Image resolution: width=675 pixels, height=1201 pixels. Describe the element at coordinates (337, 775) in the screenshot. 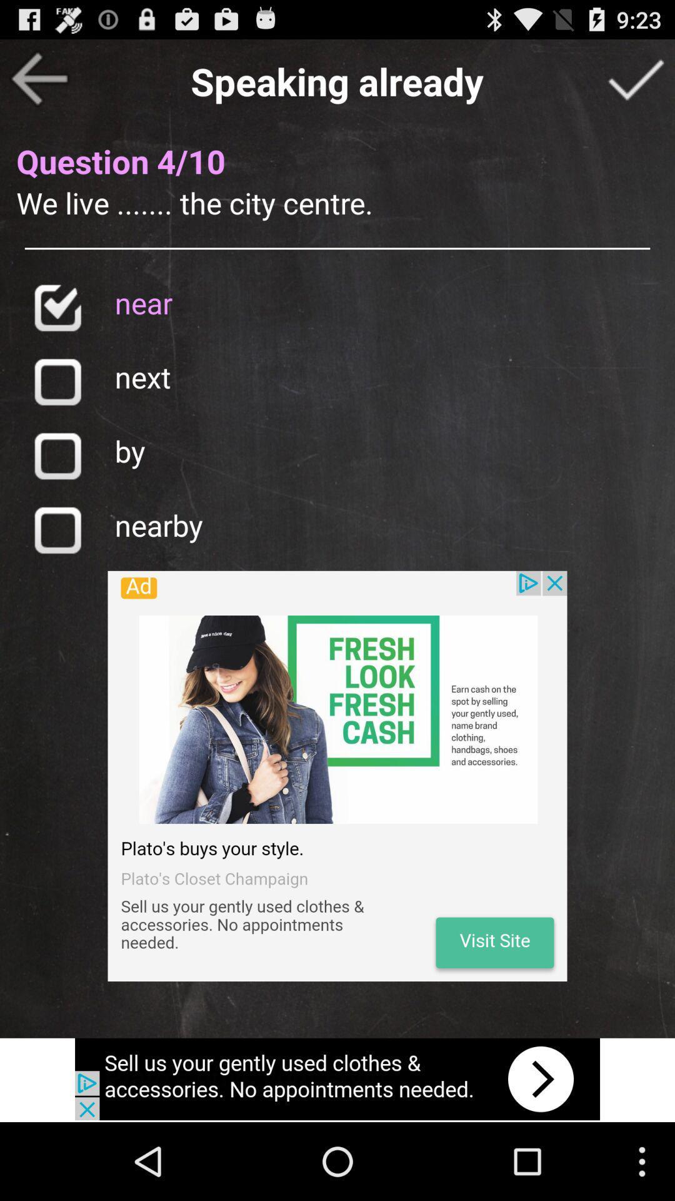

I see `show advertisements` at that location.